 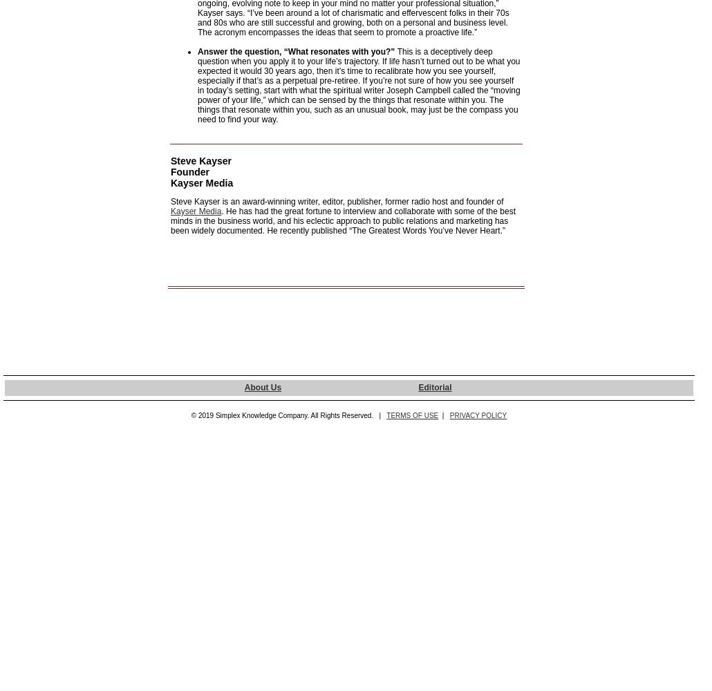 What do you see at coordinates (434, 388) in the screenshot?
I see `'Editorial'` at bounding box center [434, 388].